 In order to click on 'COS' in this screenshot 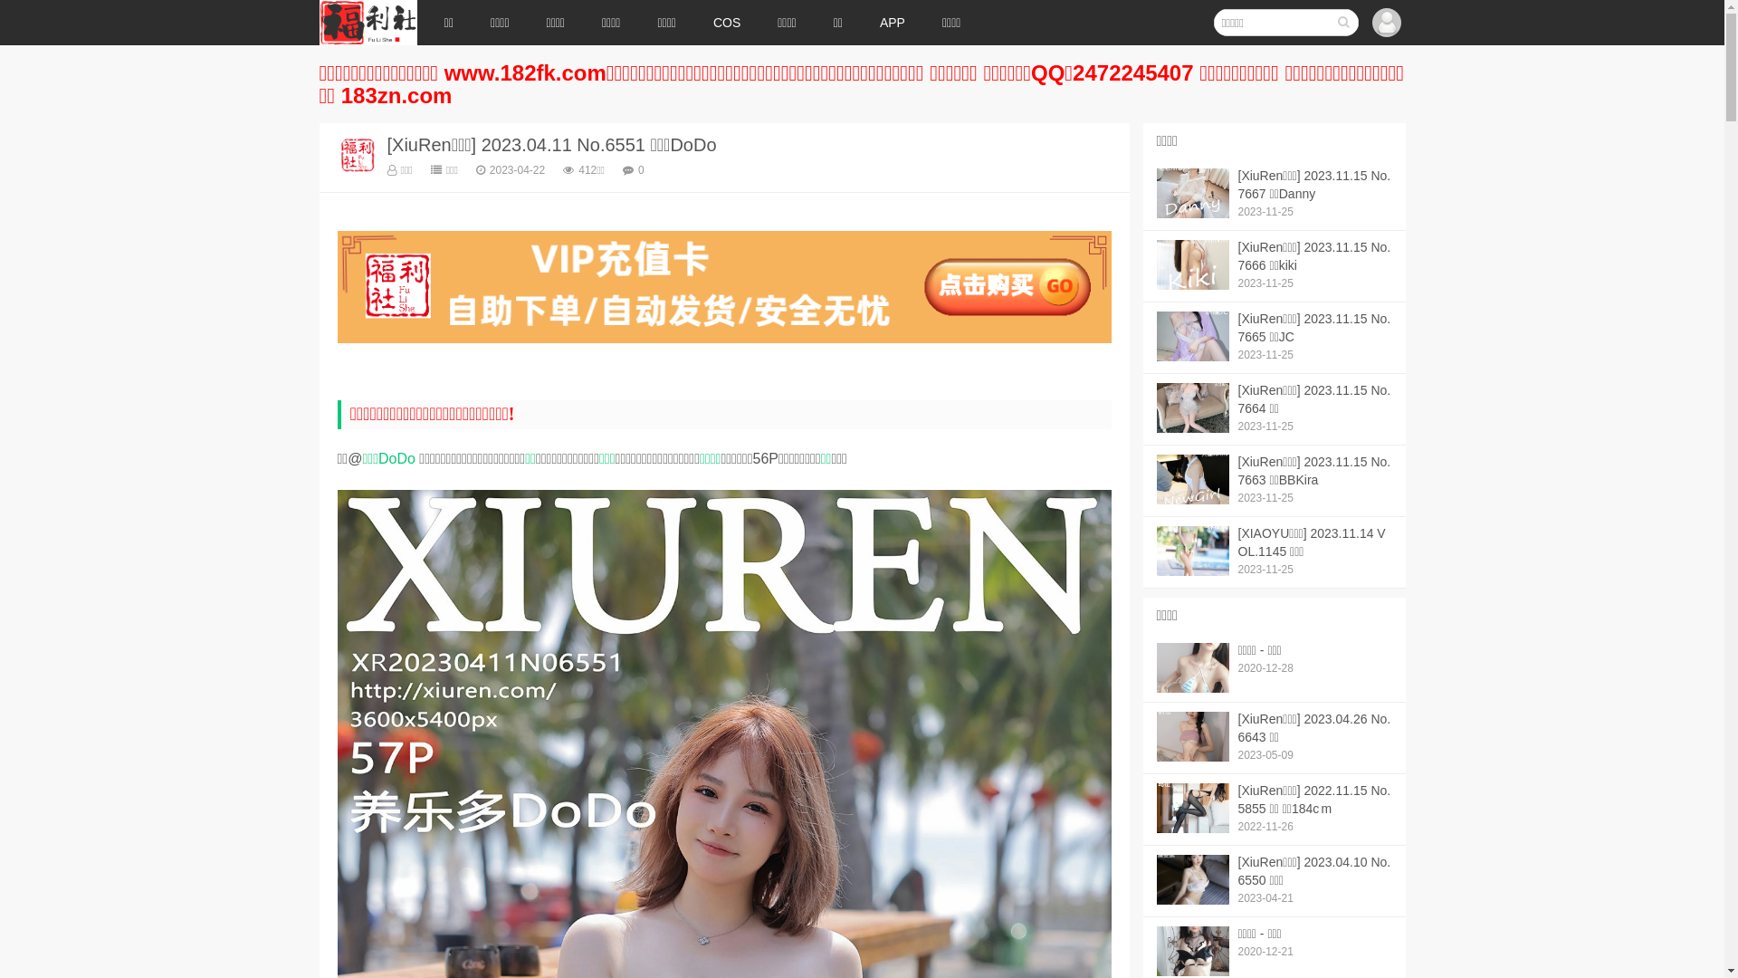, I will do `click(726, 22)`.